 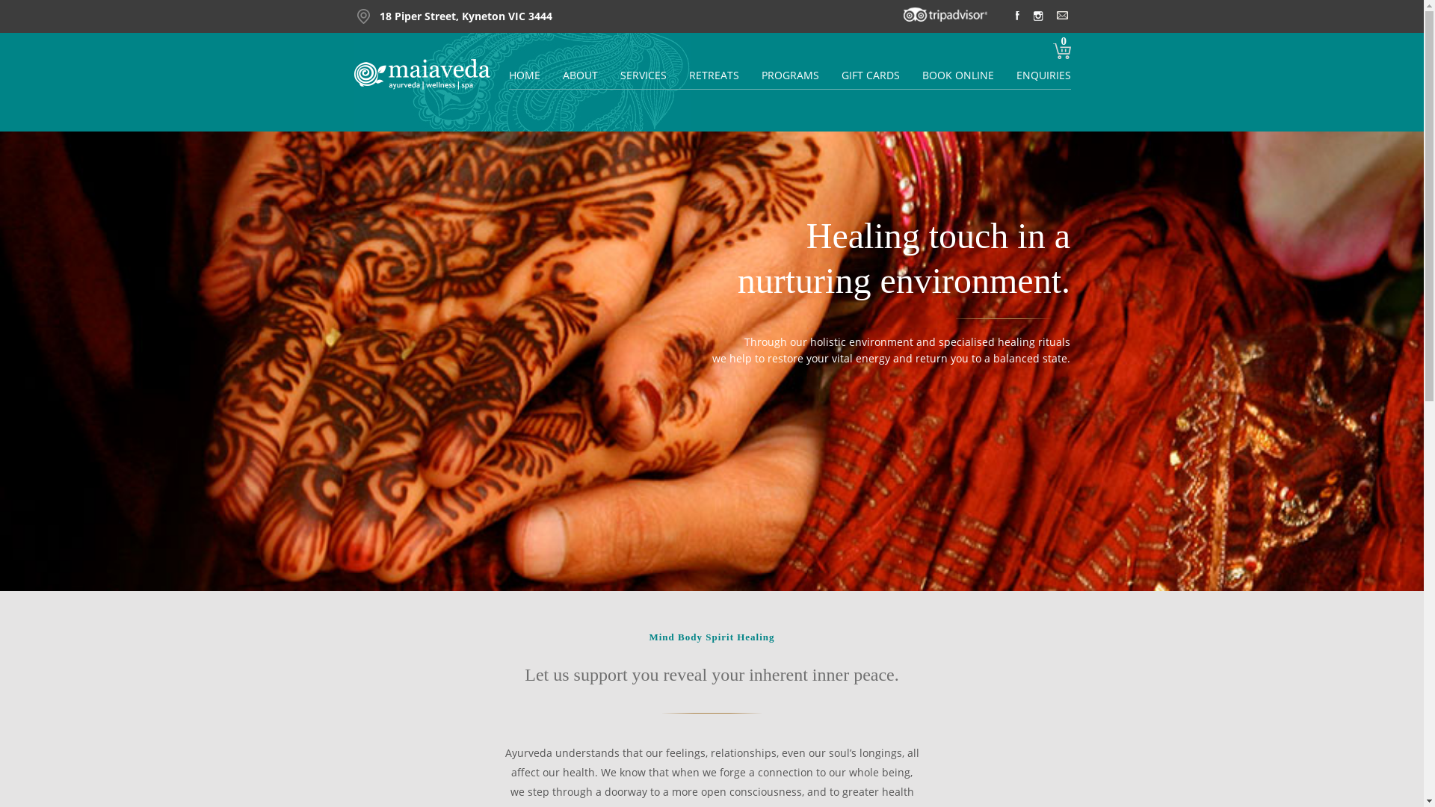 What do you see at coordinates (523, 75) in the screenshot?
I see `'HOME'` at bounding box center [523, 75].